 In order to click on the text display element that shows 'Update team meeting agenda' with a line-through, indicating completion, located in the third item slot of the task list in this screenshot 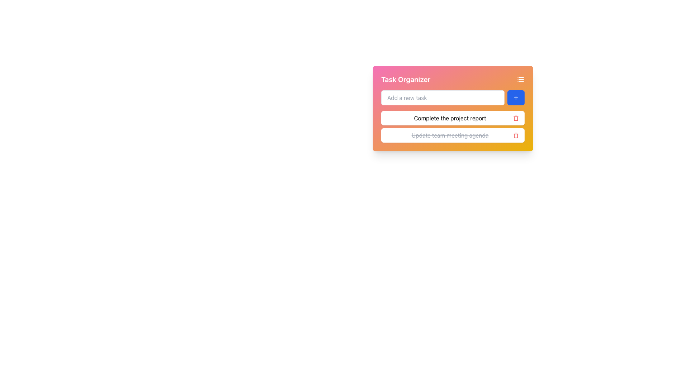, I will do `click(450, 135)`.